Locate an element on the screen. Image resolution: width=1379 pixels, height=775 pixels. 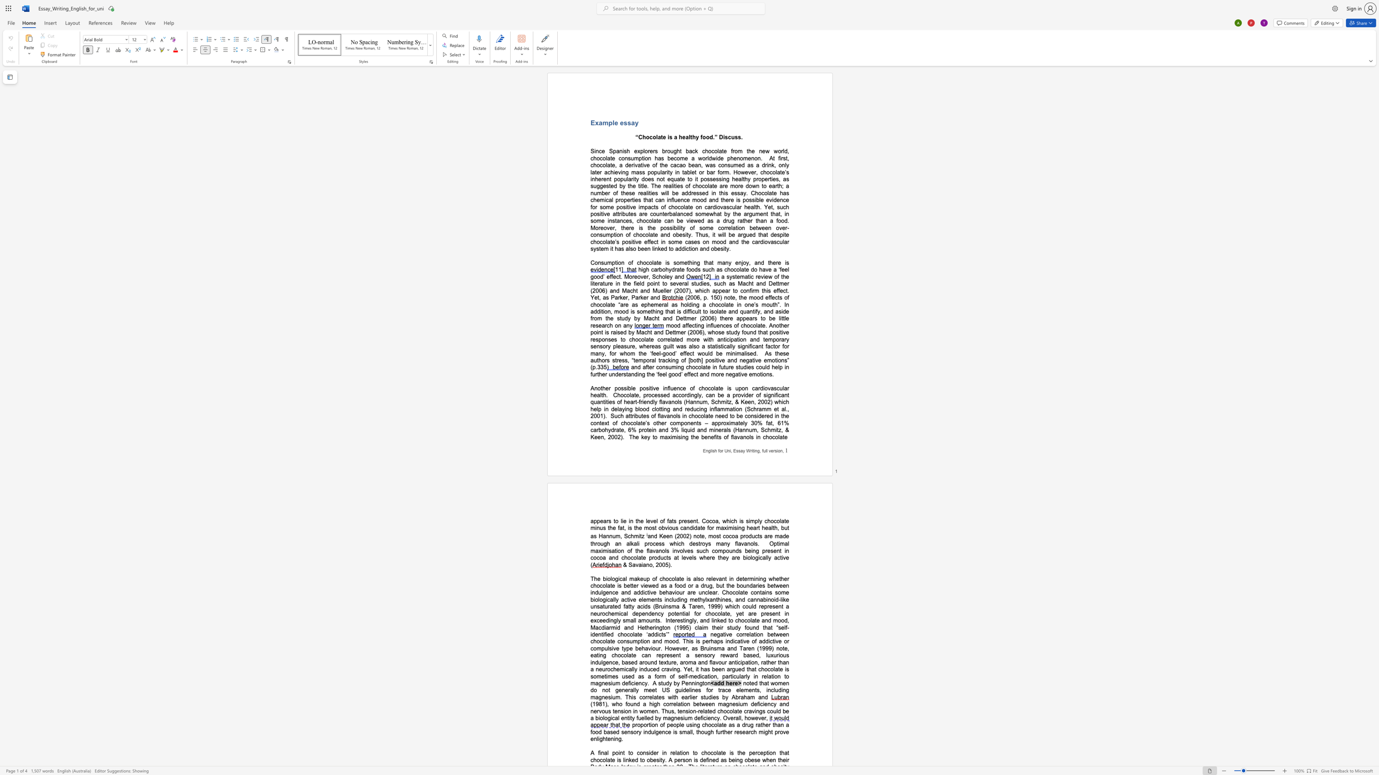
the space between the continuous character "s" and "h" in the text is located at coordinates (626, 151).